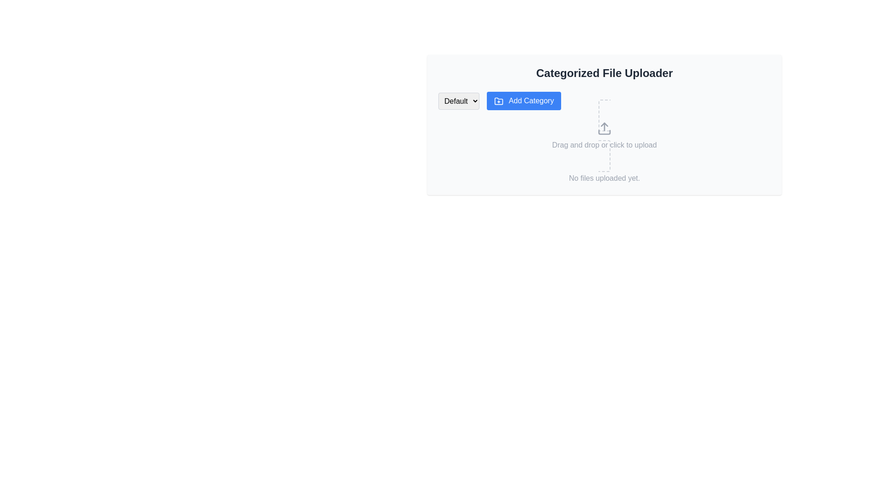  What do you see at coordinates (498, 101) in the screenshot?
I see `the SVG icon within the 'Add Category' button, which is represented as a folder with a plus sign and has a blue background` at bounding box center [498, 101].